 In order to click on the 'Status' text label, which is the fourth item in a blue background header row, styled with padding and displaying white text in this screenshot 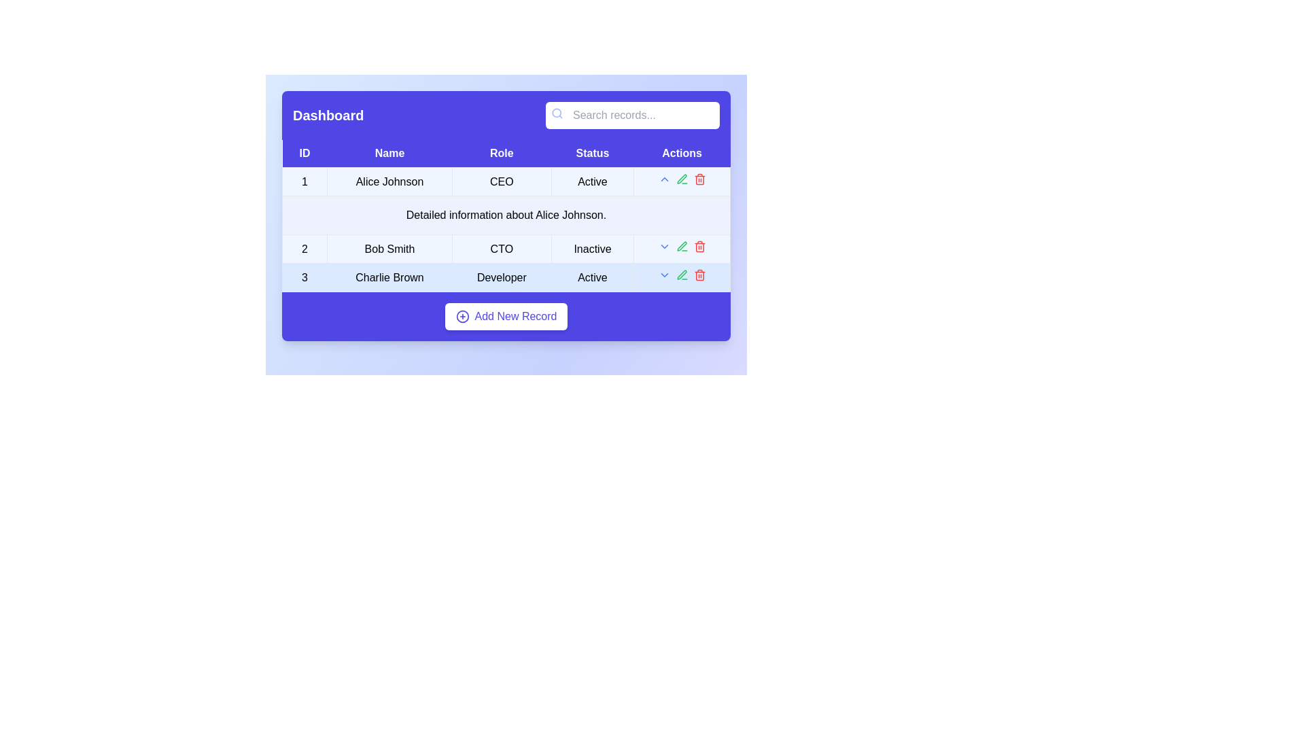, I will do `click(592, 153)`.